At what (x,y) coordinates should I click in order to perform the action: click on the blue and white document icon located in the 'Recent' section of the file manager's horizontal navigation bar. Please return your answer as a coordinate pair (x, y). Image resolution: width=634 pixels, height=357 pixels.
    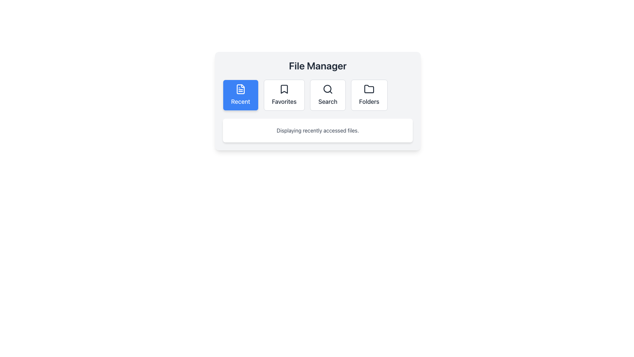
    Looking at the image, I should click on (240, 89).